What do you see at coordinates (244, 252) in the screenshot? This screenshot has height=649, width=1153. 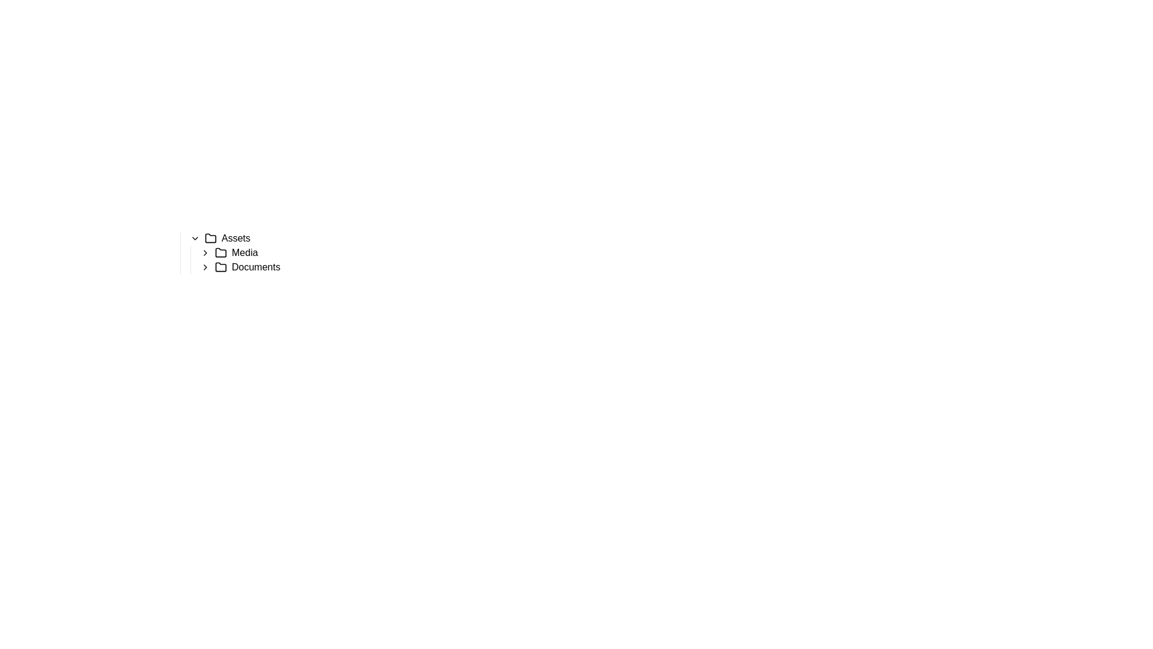 I see `the text label displaying 'Media'` at bounding box center [244, 252].